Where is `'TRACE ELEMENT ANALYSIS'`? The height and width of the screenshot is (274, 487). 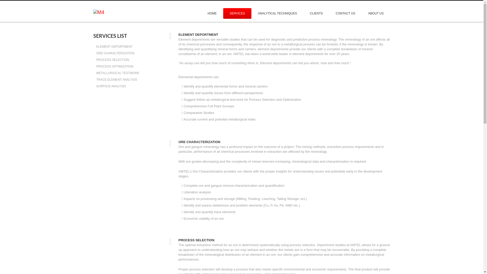
'TRACE ELEMENT ANALYSIS' is located at coordinates (96, 79).